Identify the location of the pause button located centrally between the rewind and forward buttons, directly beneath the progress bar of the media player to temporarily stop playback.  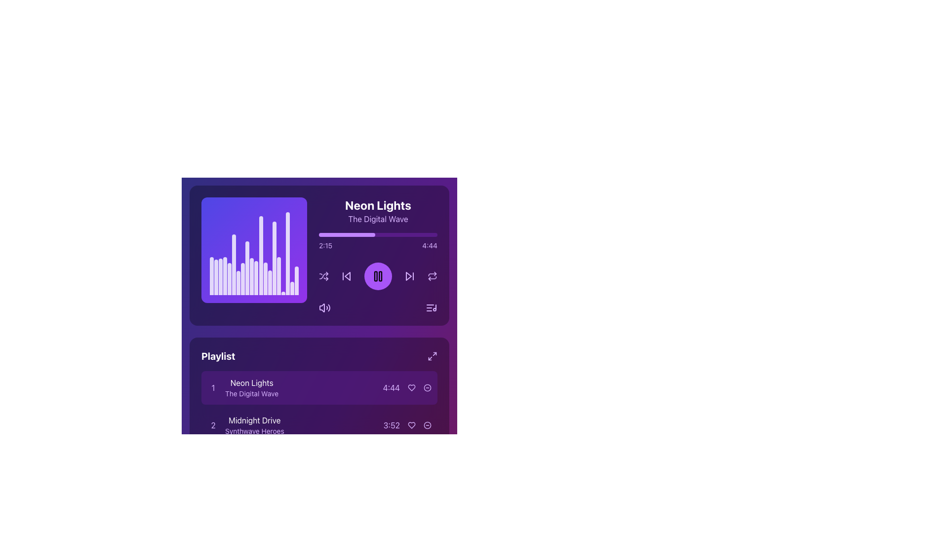
(378, 276).